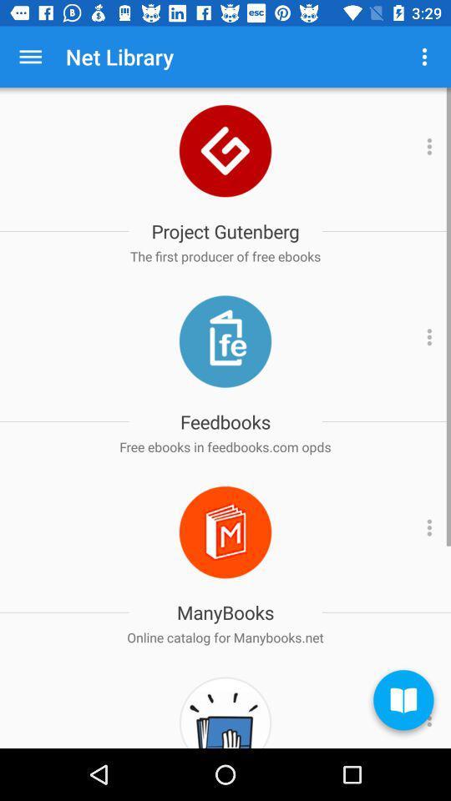 This screenshot has height=801, width=451. What do you see at coordinates (225, 637) in the screenshot?
I see `the item below manybooks` at bounding box center [225, 637].